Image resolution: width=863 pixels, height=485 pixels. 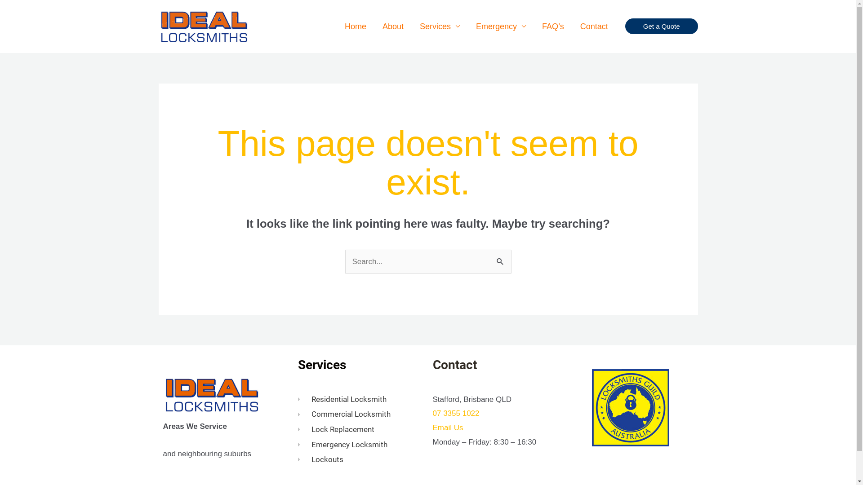 What do you see at coordinates (490, 259) in the screenshot?
I see `'Search'` at bounding box center [490, 259].